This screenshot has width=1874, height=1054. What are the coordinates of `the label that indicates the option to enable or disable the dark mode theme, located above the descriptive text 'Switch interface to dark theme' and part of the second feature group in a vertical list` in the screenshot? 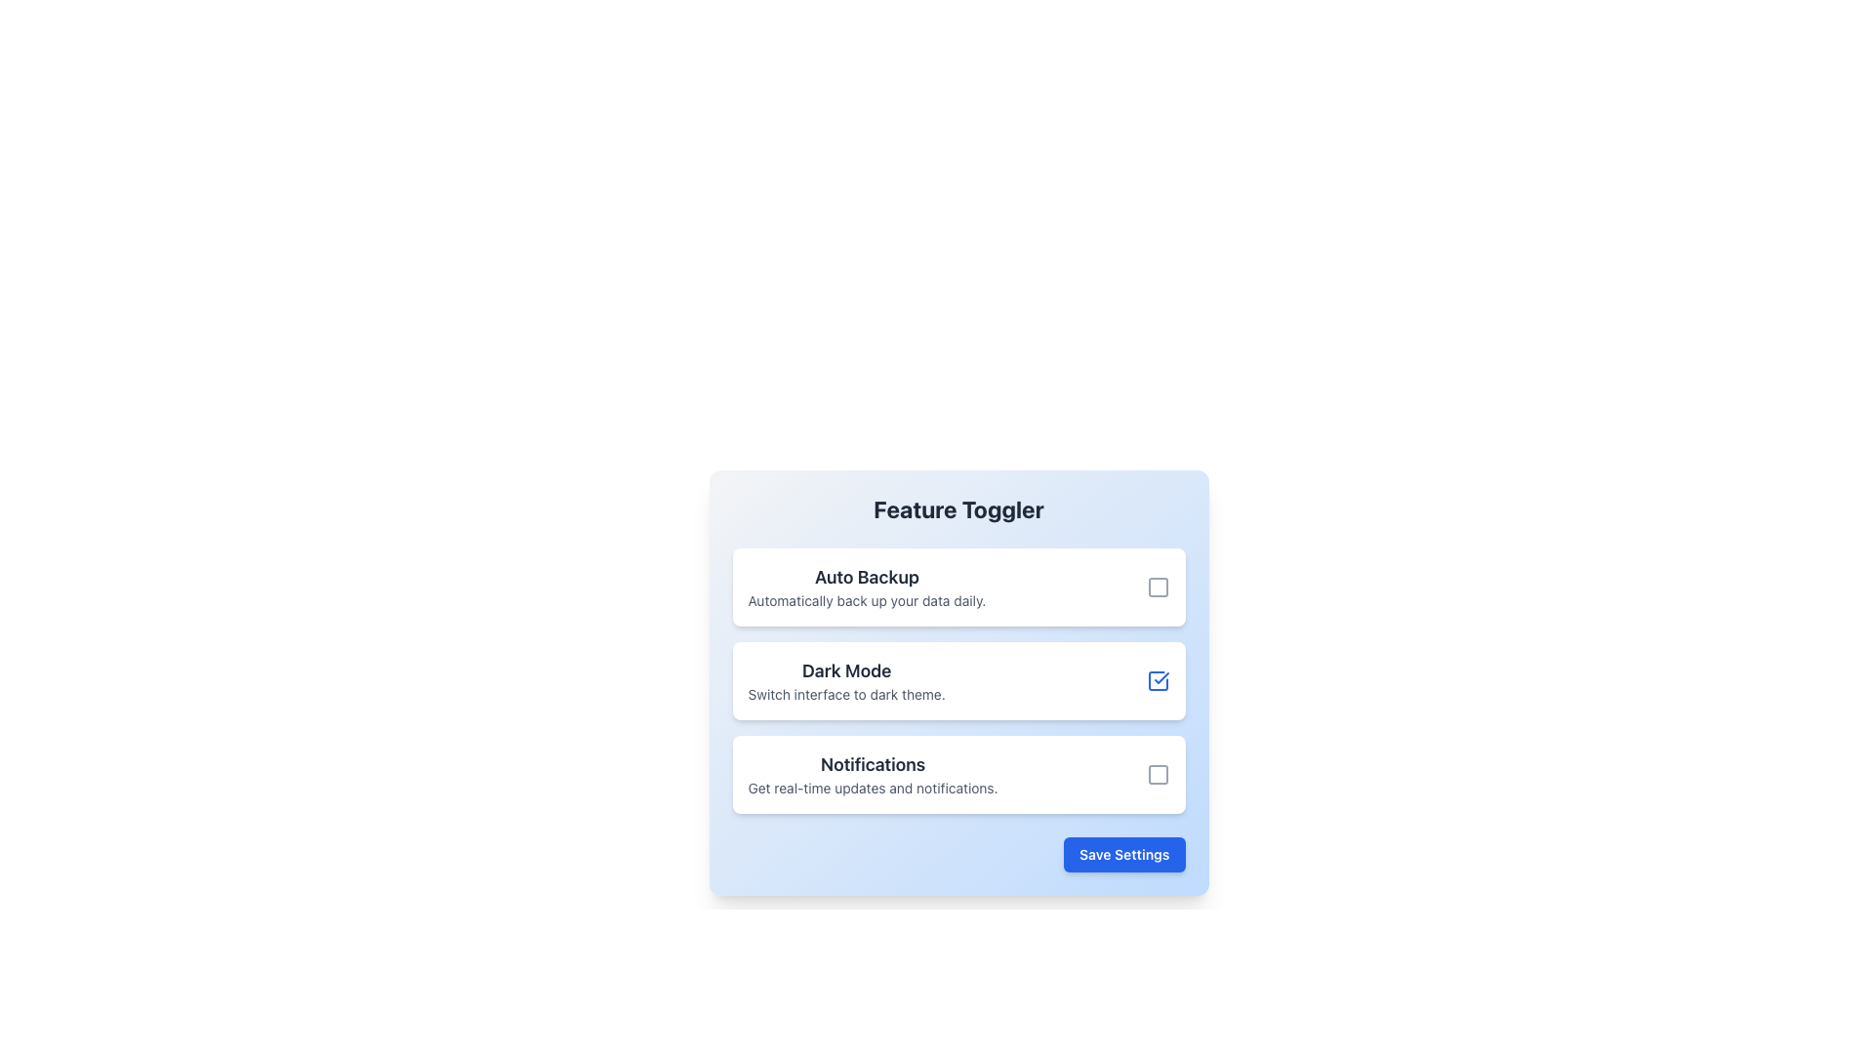 It's located at (846, 669).